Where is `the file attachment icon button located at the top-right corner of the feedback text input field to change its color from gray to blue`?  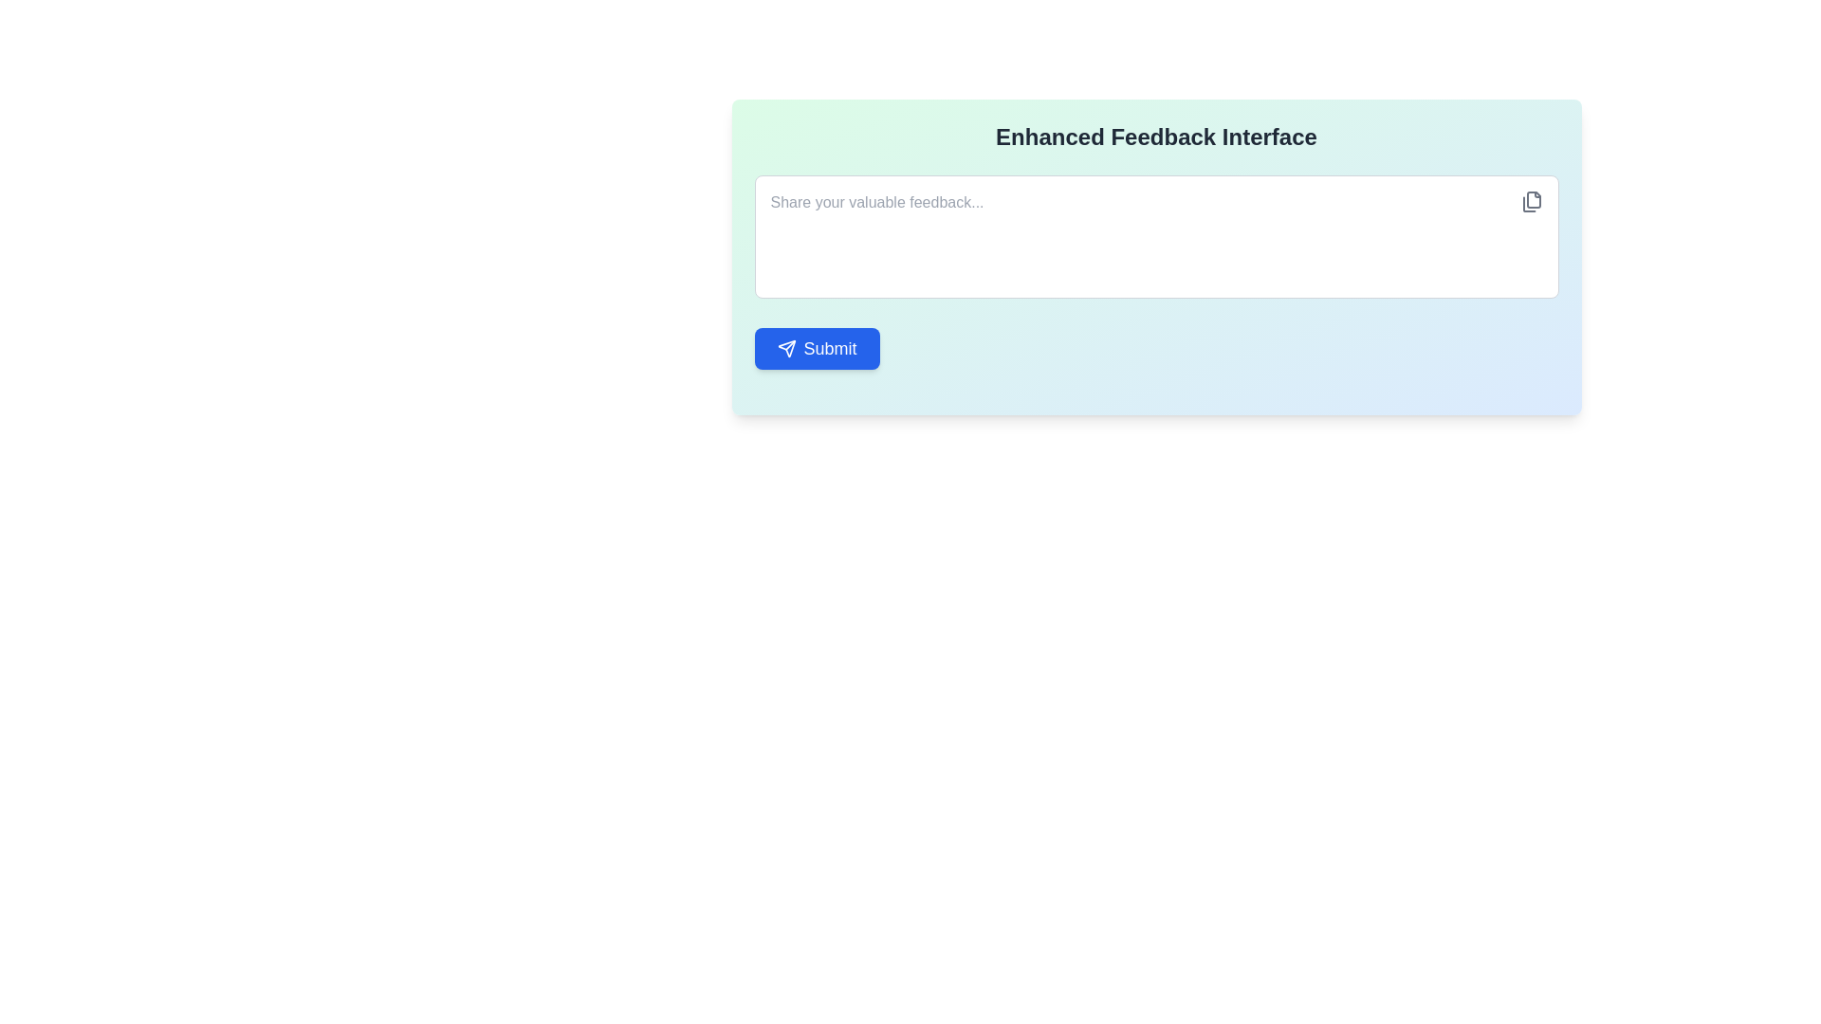
the file attachment icon button located at the top-right corner of the feedback text input field to change its color from gray to blue is located at coordinates (1532, 201).